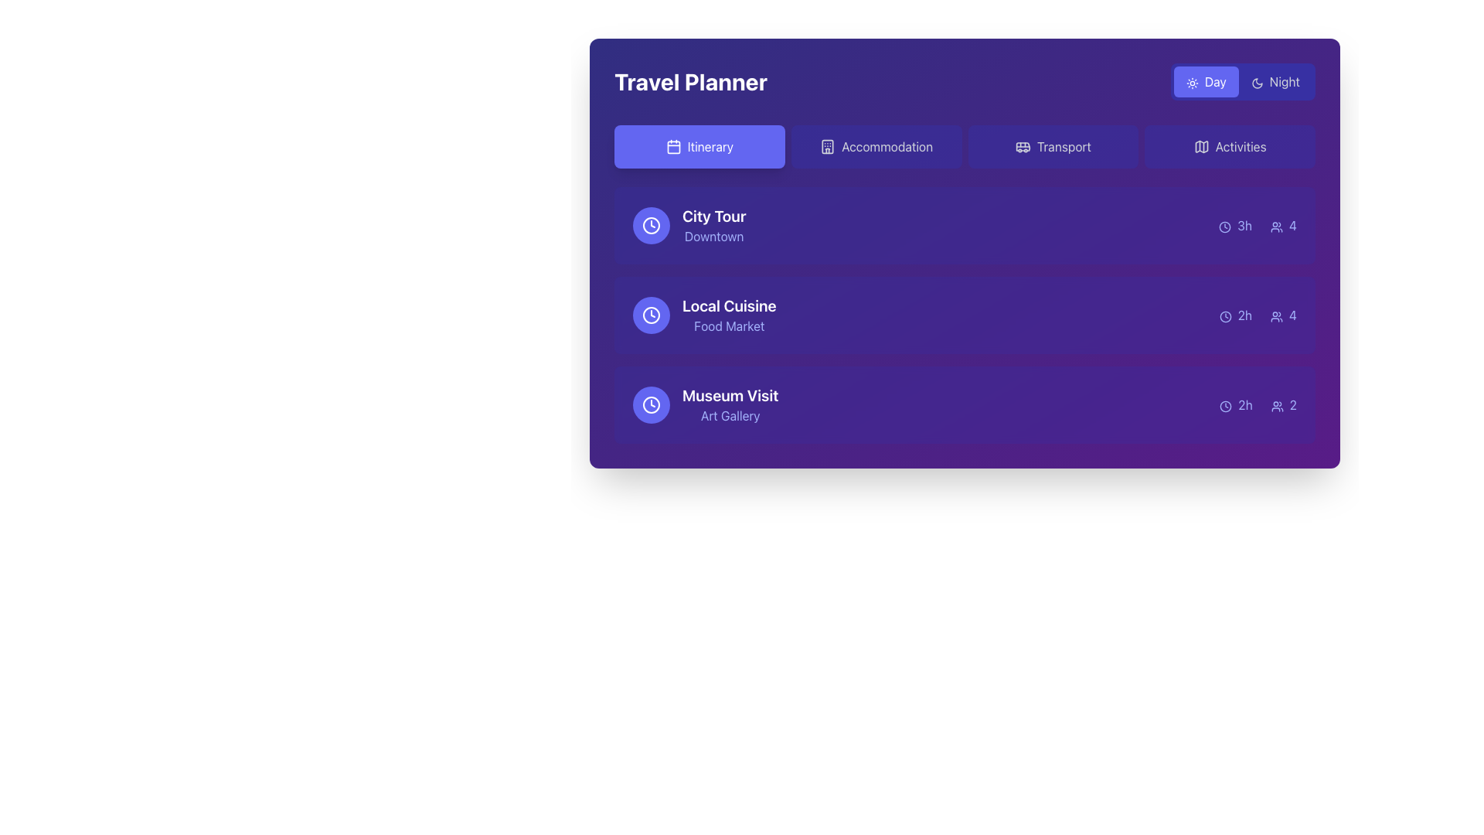 This screenshot has height=835, width=1484. Describe the element at coordinates (652, 404) in the screenshot. I see `the clock icon with a white outline inside an indigo circular background located in the 'Museum Visit' section of the travel planner interface` at that location.